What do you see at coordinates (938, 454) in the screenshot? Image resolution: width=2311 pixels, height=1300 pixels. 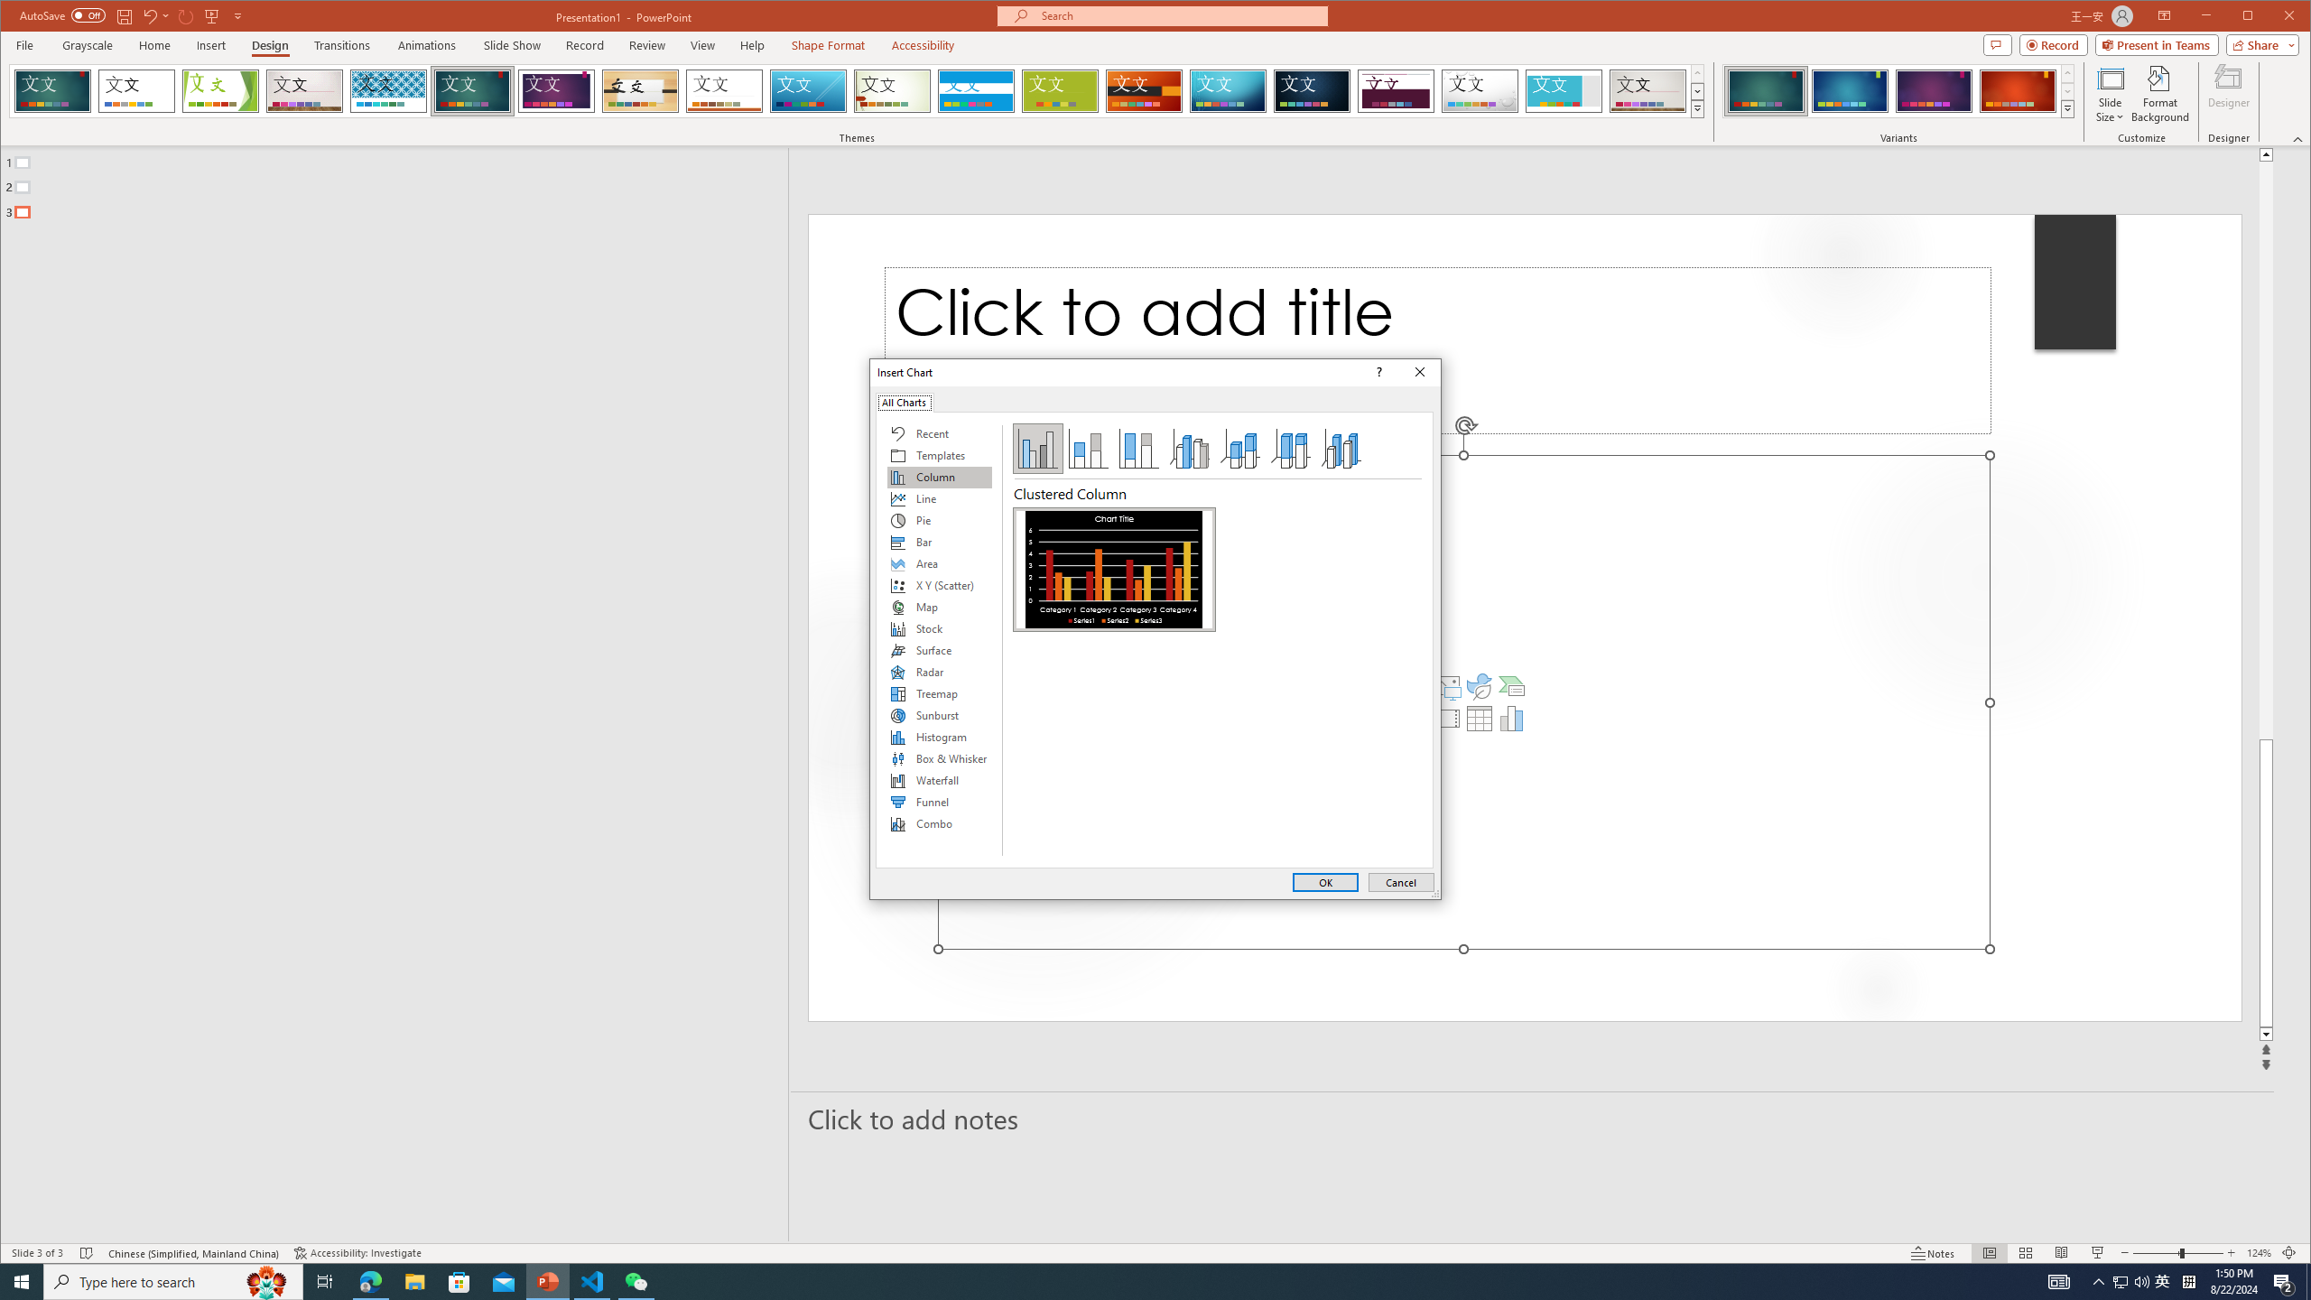 I see `'Templates'` at bounding box center [938, 454].